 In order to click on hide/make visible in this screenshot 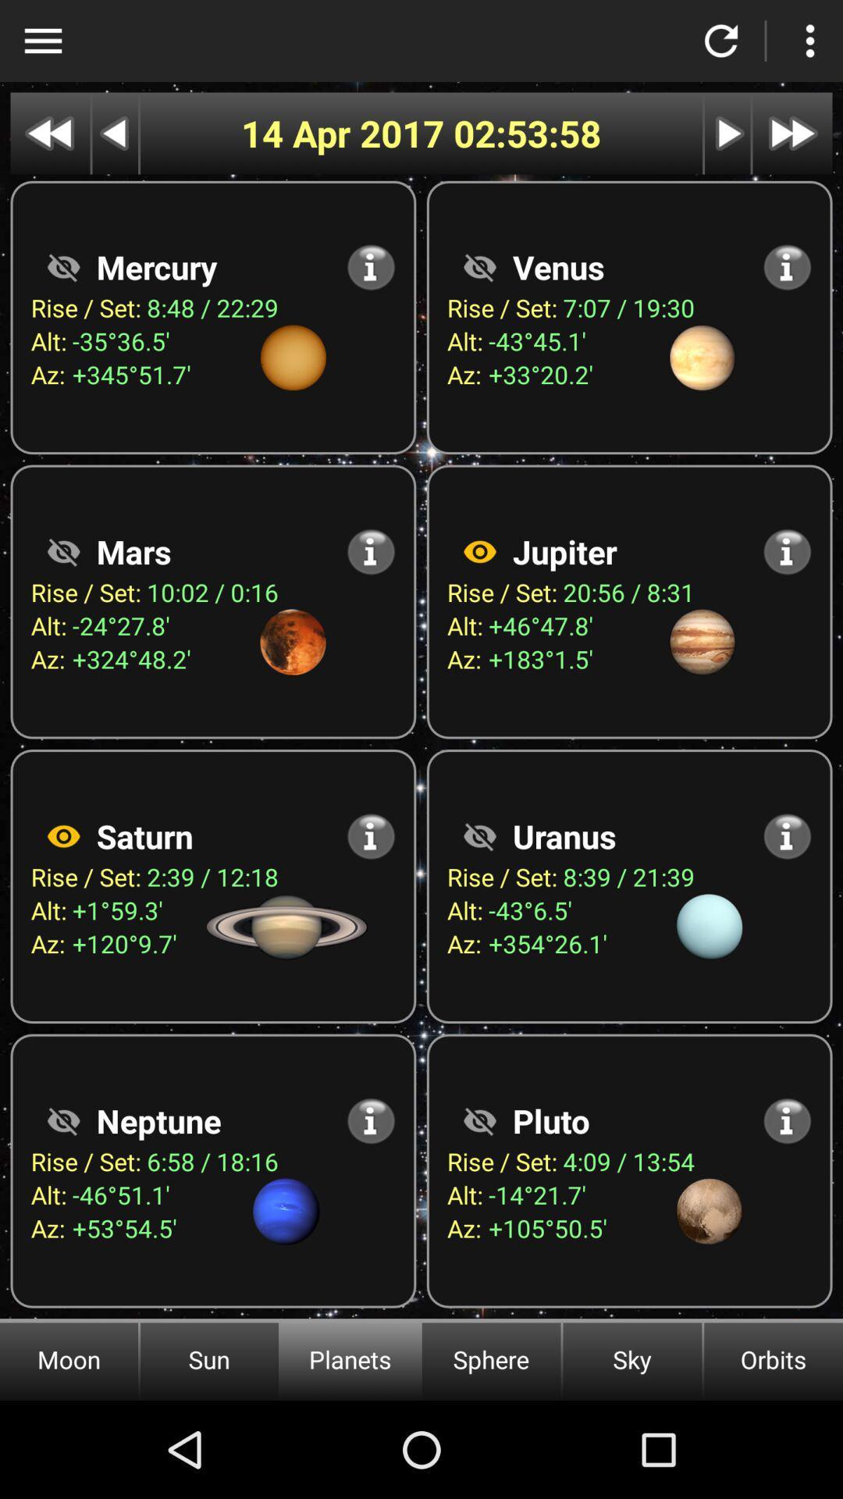, I will do `click(62, 1120)`.